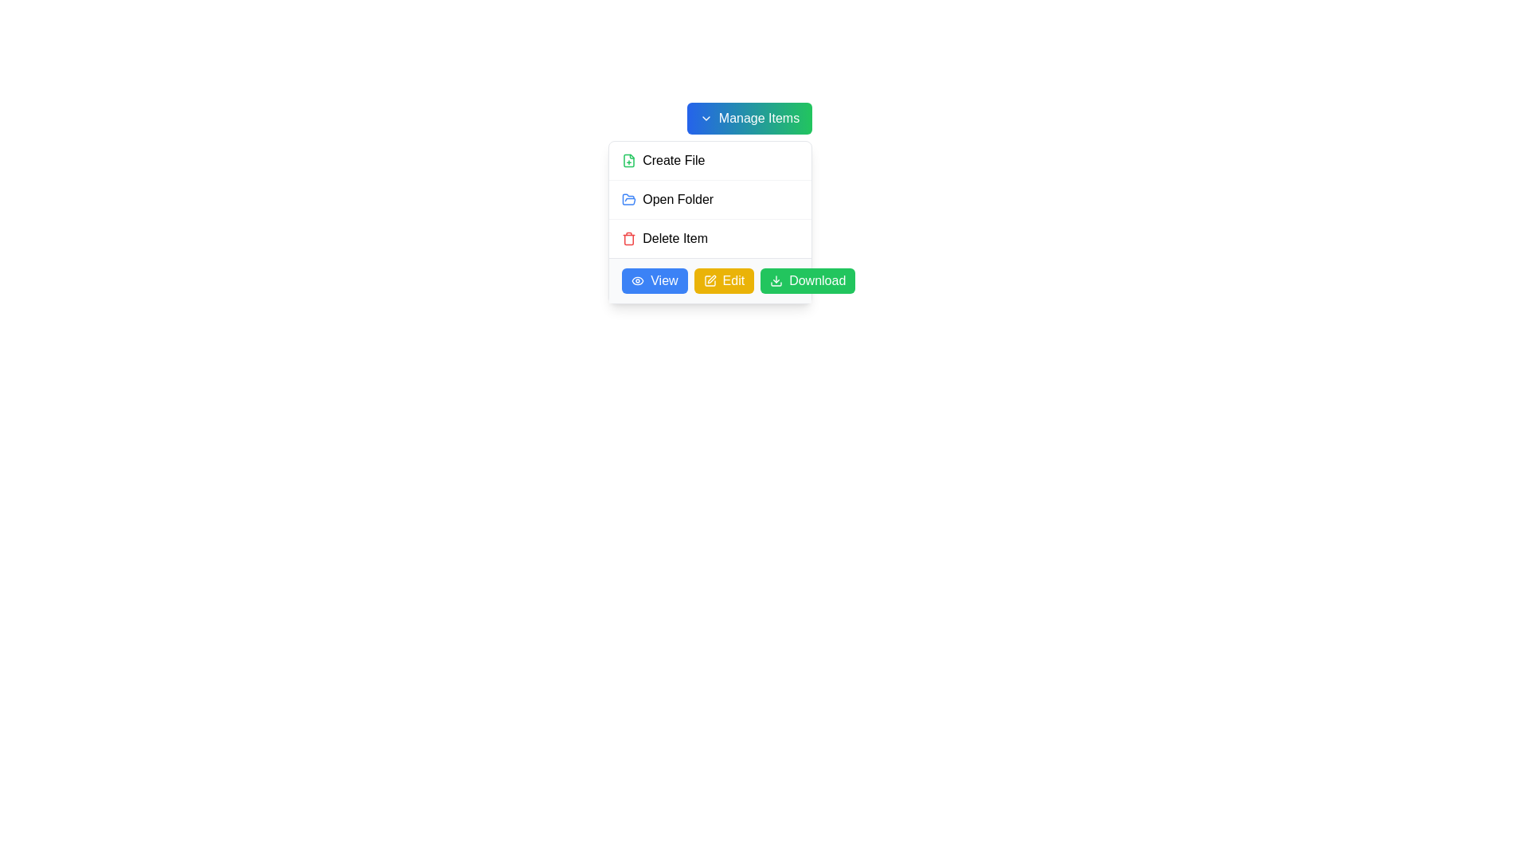 This screenshot has height=860, width=1529. I want to click on the graphical representation of the pen and square icon located within the 'Edit' button, which is the middle button in a horizontal row of three buttons under a card-like element, so click(709, 280).